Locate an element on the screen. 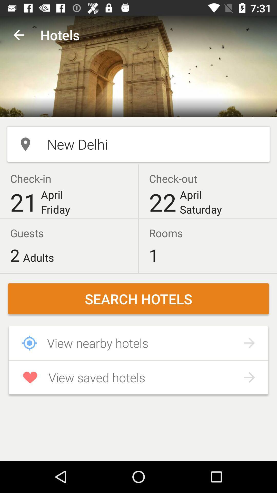 This screenshot has width=277, height=493. the option below the image is located at coordinates (138, 144).